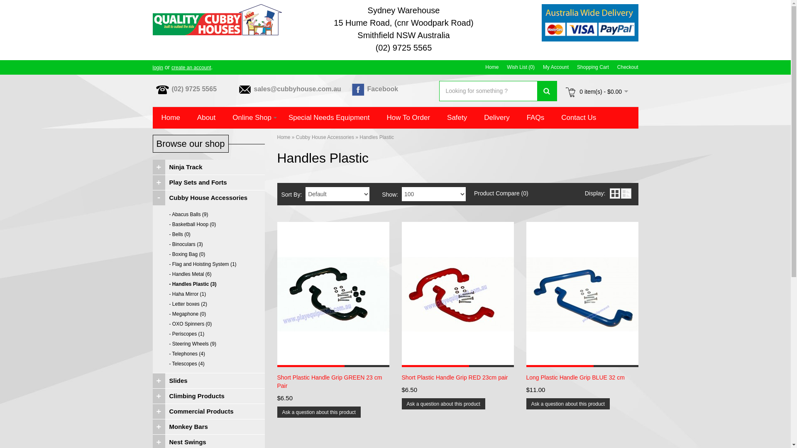 This screenshot has height=448, width=797. What do you see at coordinates (333, 382) in the screenshot?
I see `'Short Plastic Handle Grip GREEN 23 cm Pair'` at bounding box center [333, 382].